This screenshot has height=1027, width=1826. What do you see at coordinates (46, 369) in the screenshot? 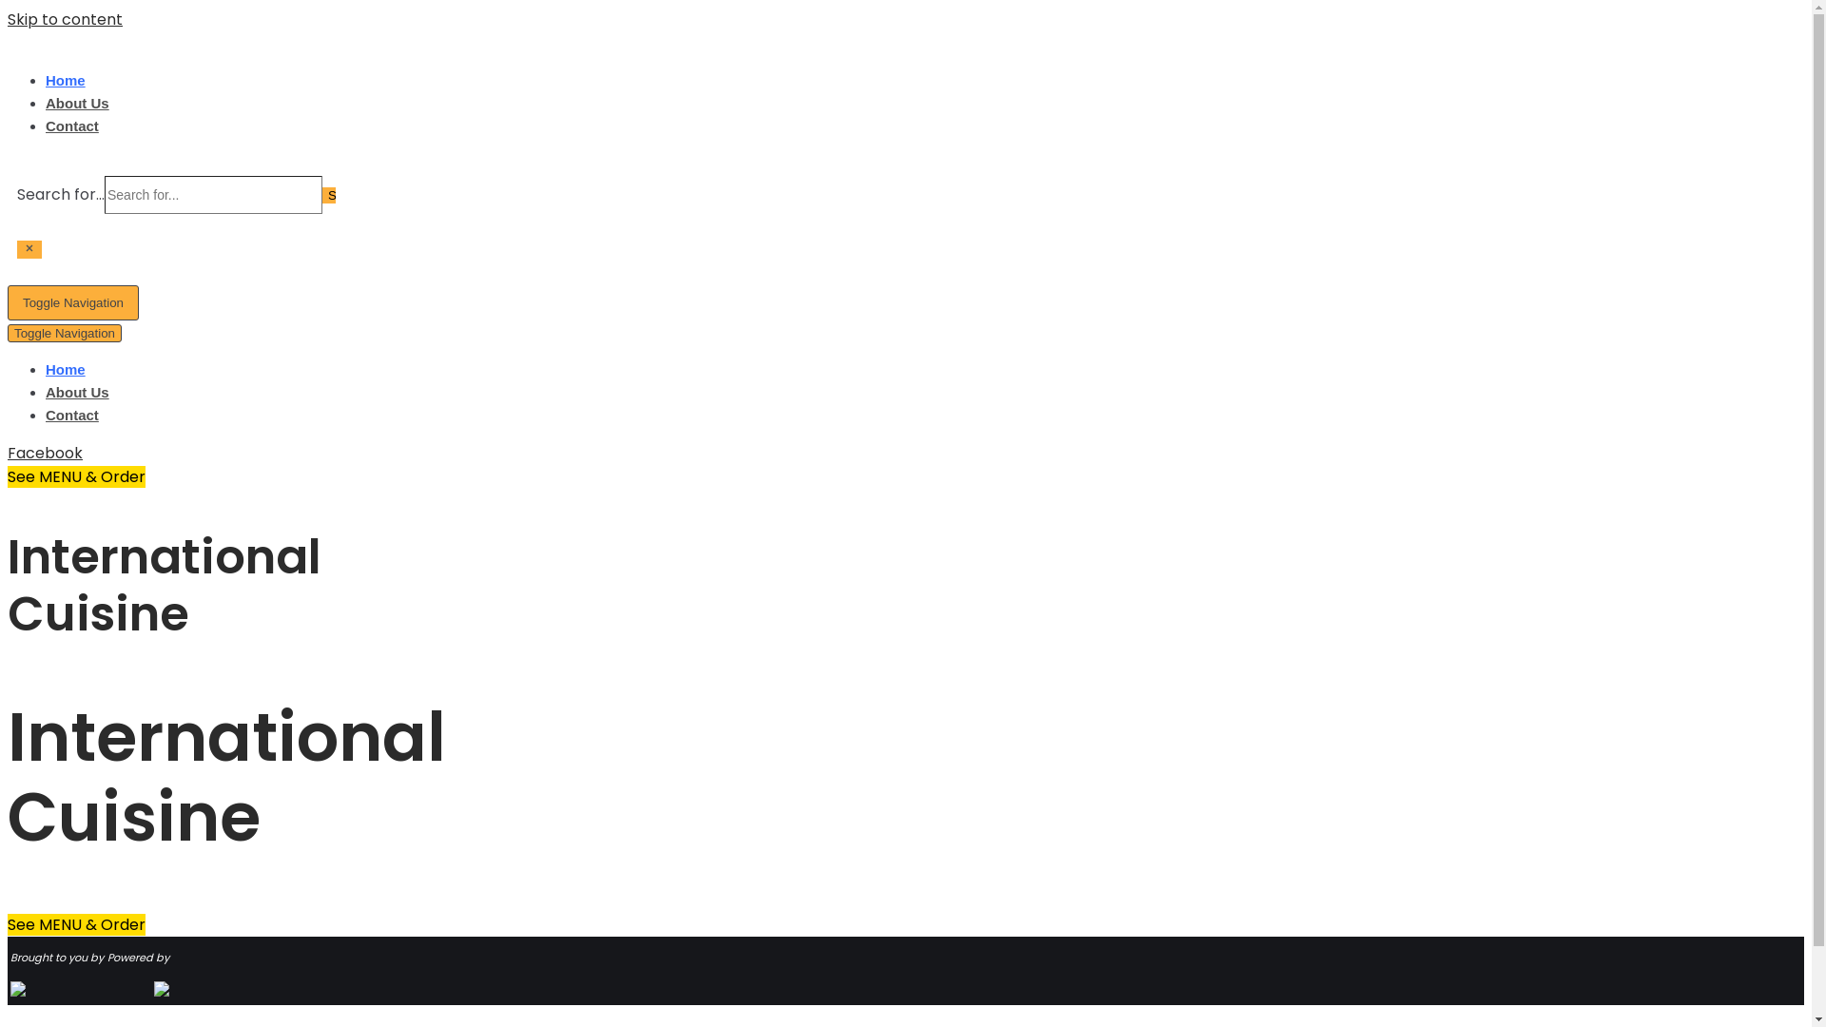
I see `'Home'` at bounding box center [46, 369].